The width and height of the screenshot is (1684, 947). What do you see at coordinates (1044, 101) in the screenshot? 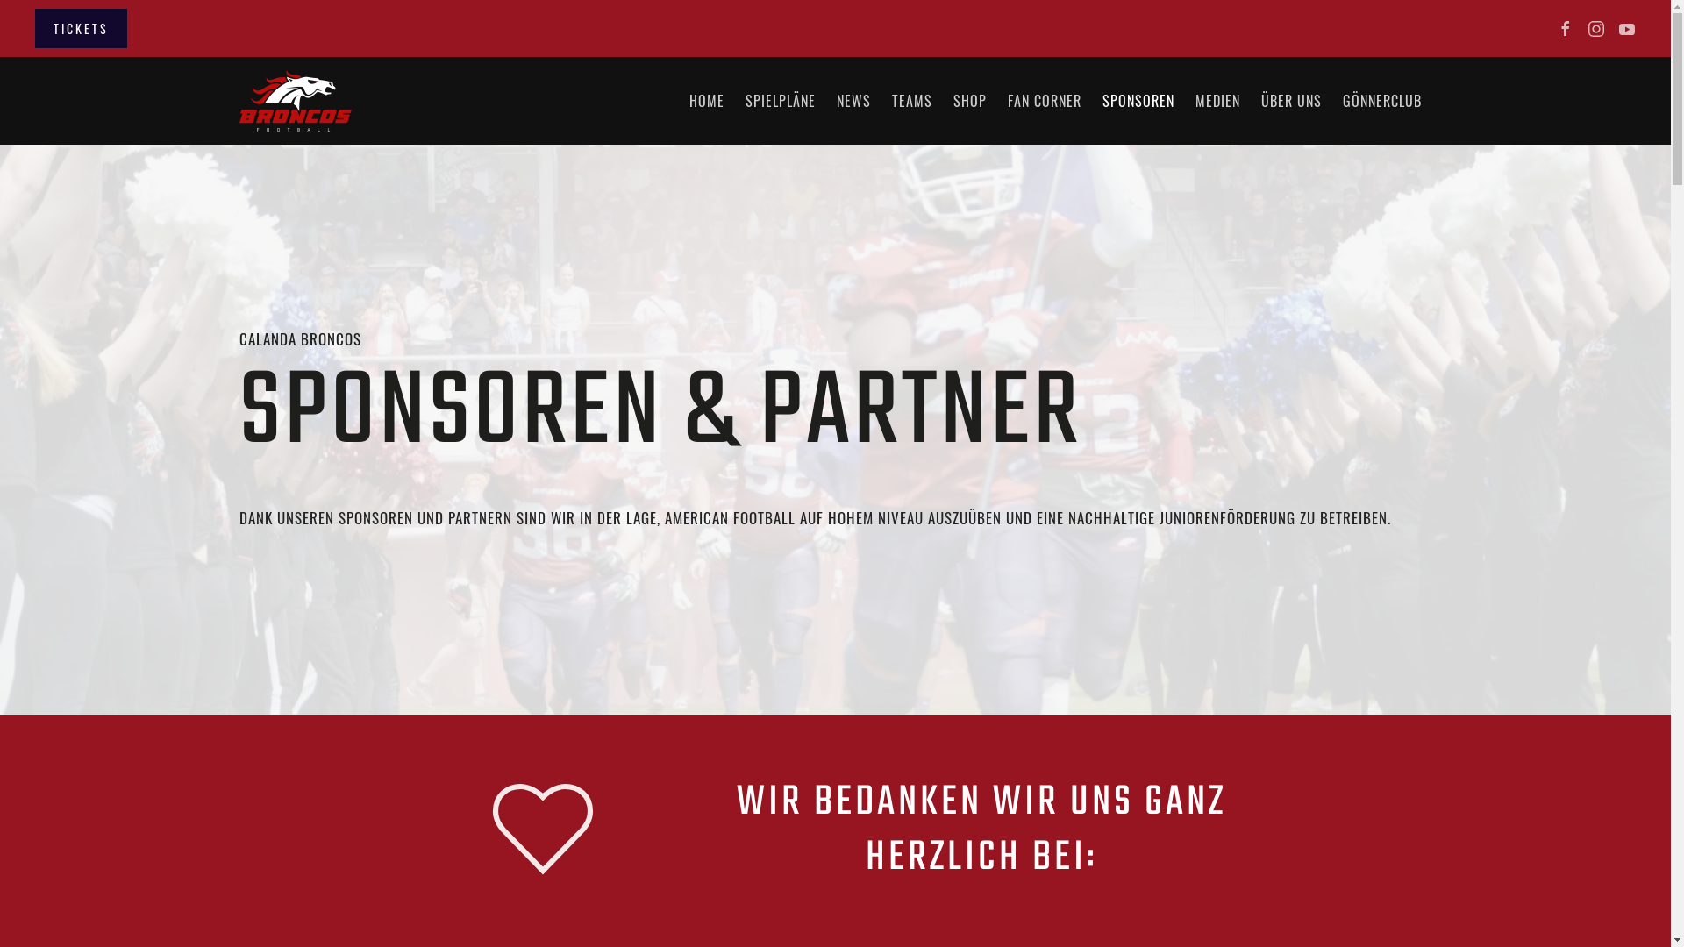
I see `'FAN CORNER'` at bounding box center [1044, 101].